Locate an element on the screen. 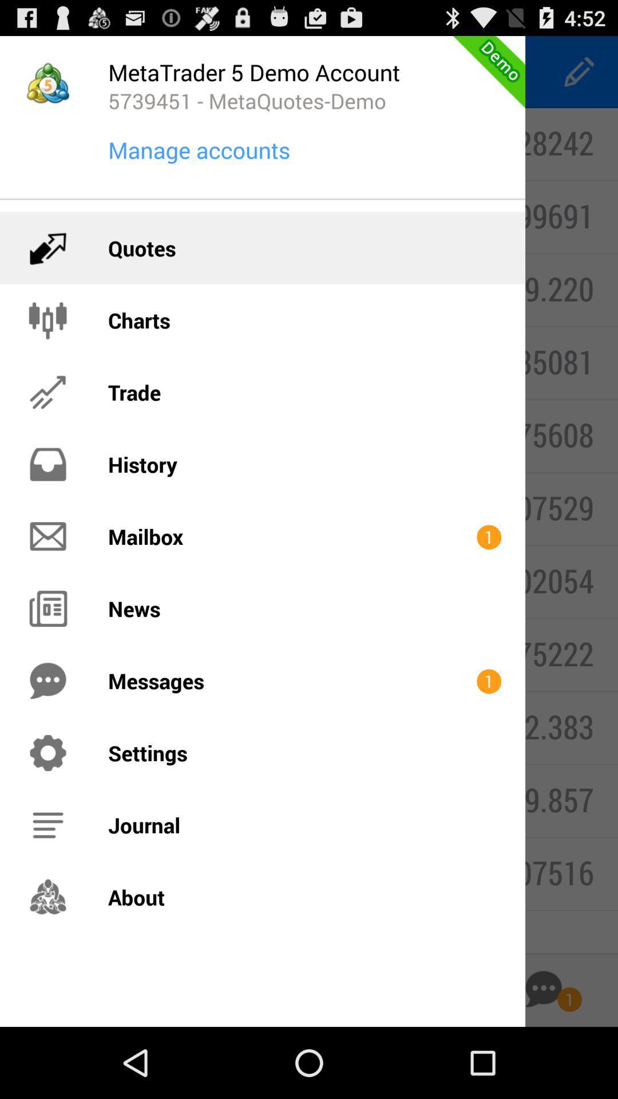  the chat icon is located at coordinates (543, 1058).